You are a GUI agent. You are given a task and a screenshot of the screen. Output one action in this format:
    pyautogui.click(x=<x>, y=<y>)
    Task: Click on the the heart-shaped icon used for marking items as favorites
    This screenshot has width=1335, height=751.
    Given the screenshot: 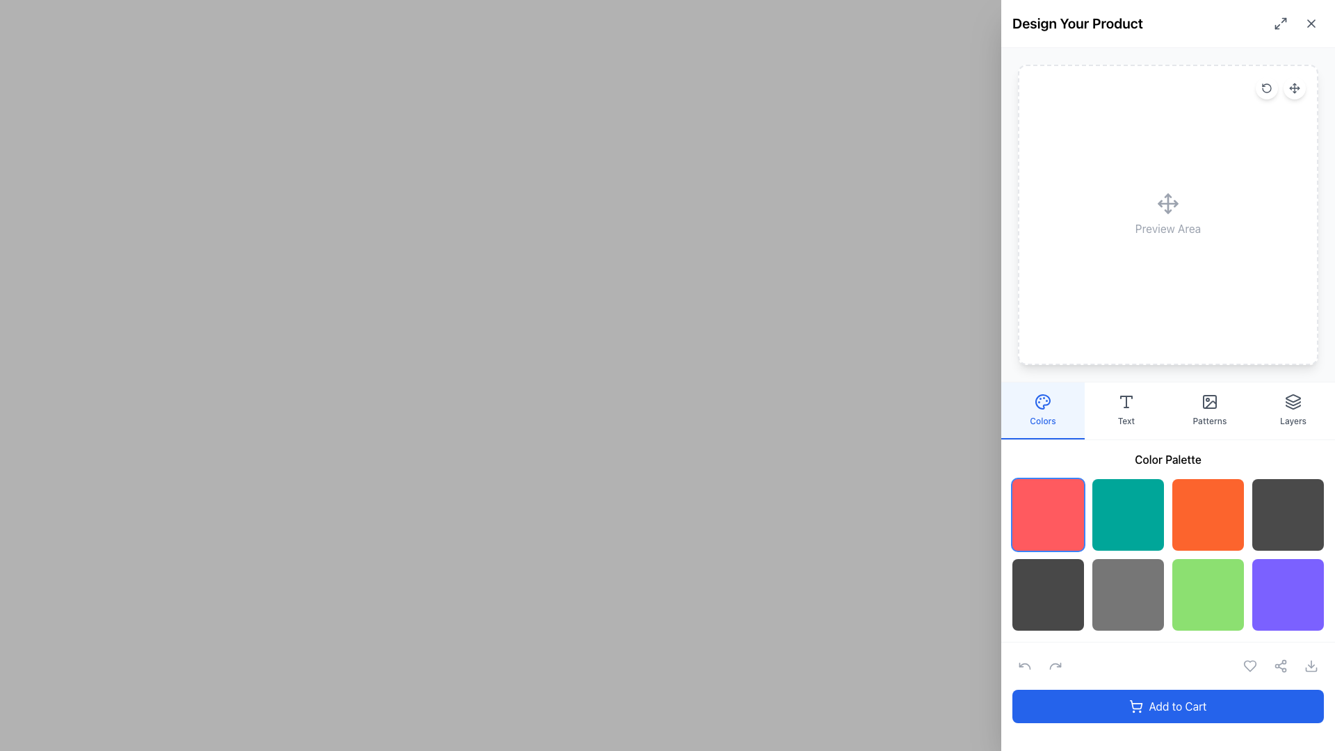 What is the action you would take?
    pyautogui.click(x=1250, y=665)
    